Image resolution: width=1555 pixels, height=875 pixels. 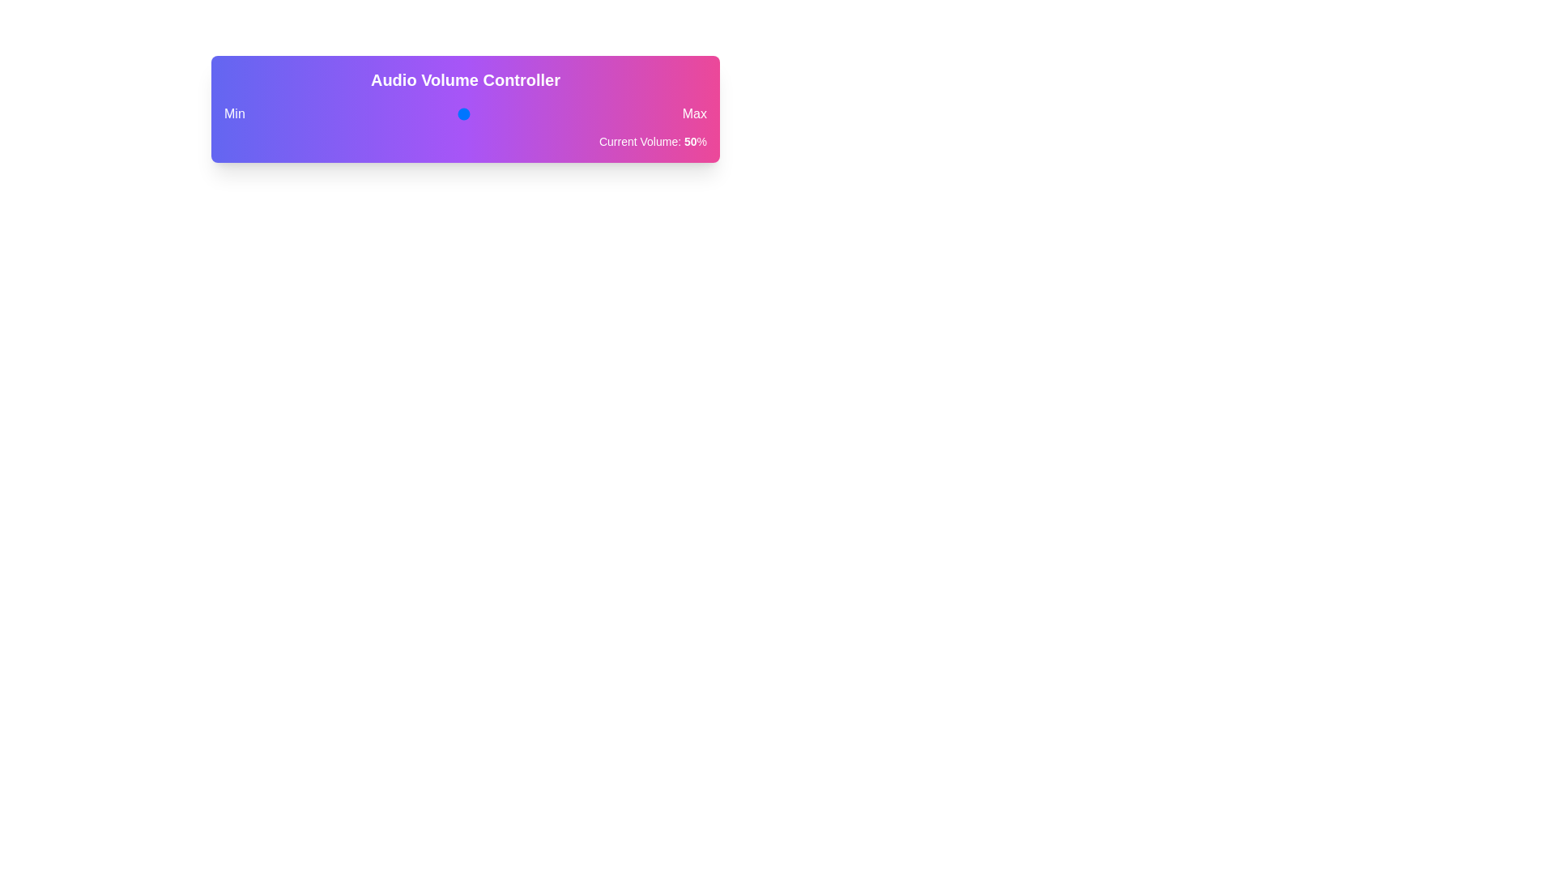 What do you see at coordinates (492, 113) in the screenshot?
I see `the volume slider to 57%` at bounding box center [492, 113].